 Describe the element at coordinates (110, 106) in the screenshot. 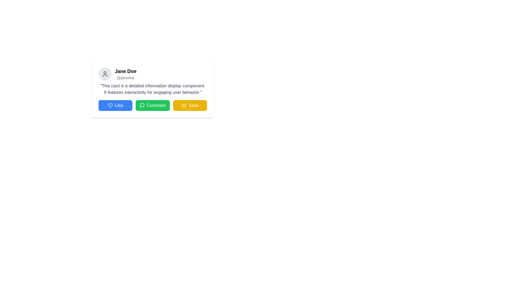

I see `the heart-shaped icon outlined in blue within the 'Like' button` at that location.